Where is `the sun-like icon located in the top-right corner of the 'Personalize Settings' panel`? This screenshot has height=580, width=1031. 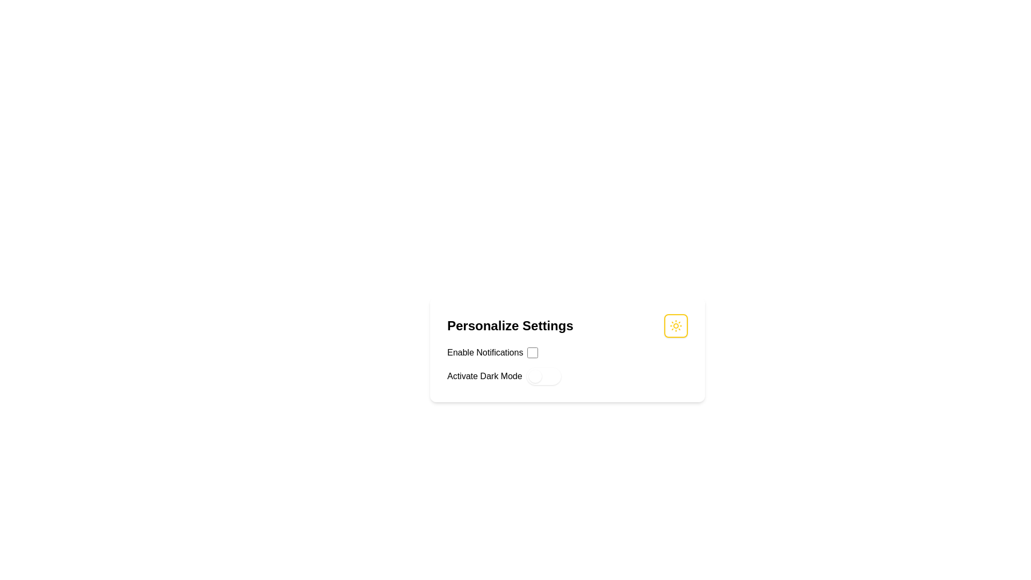
the sun-like icon located in the top-right corner of the 'Personalize Settings' panel is located at coordinates (675, 325).